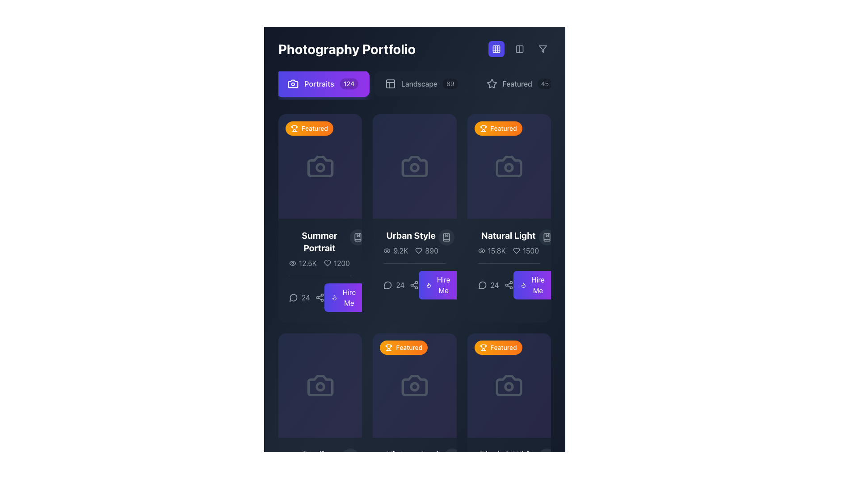 Image resolution: width=858 pixels, height=482 pixels. I want to click on the 'Hire Me' button on the 'Natural Light' photography feature card, which is the third card in the first row of the grid layout under the 'Photography Portfolio' section, so click(509, 264).